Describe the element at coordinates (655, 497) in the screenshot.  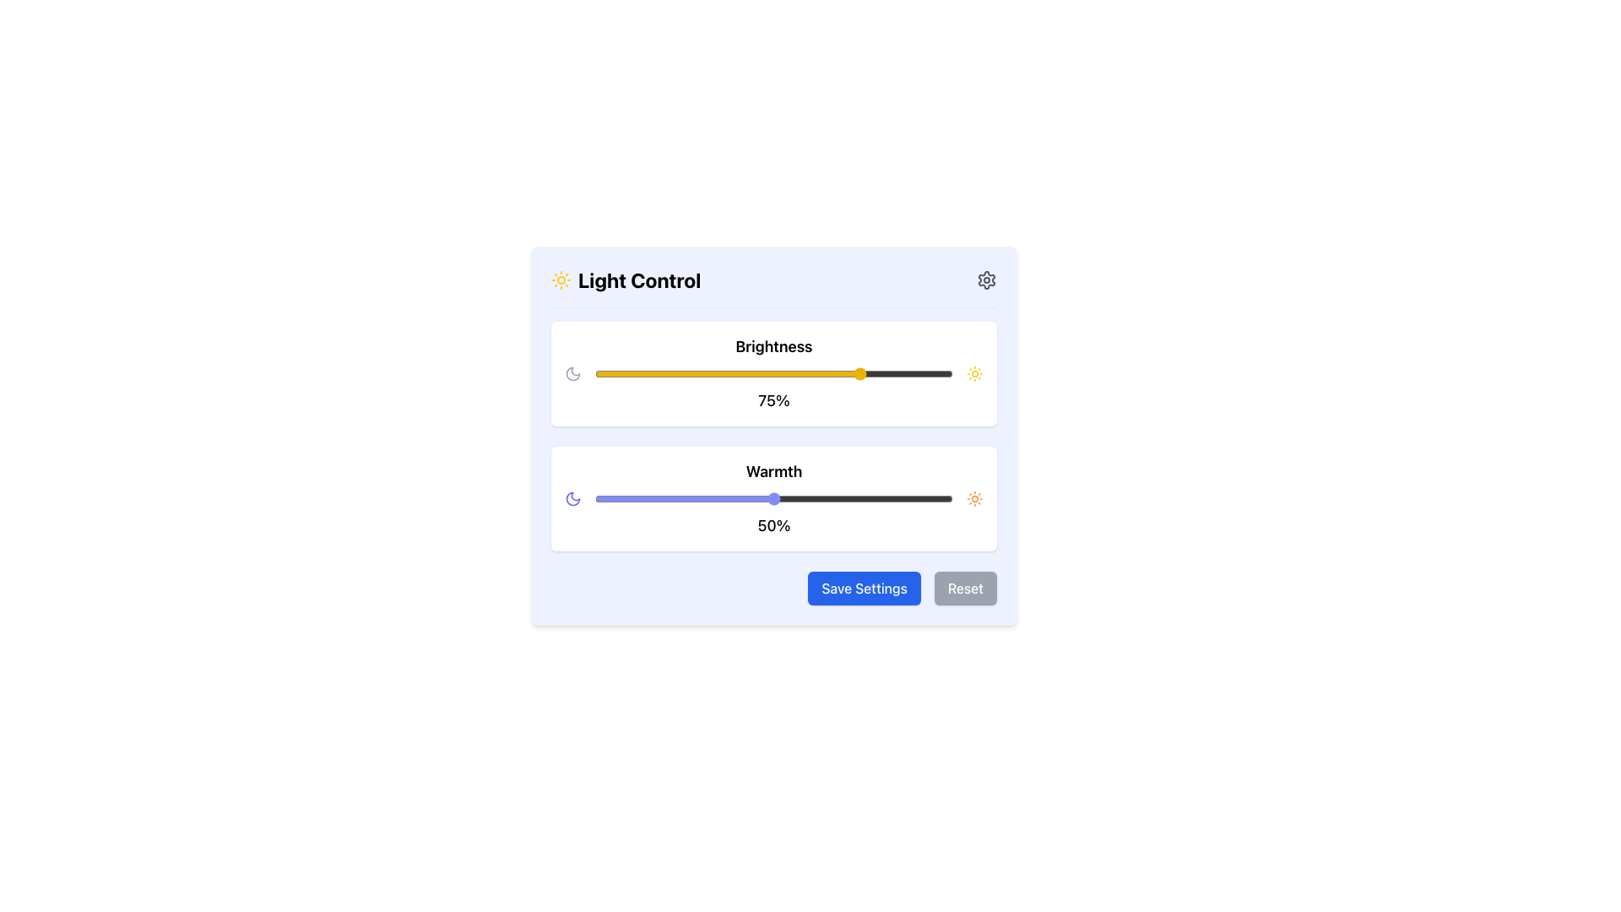
I see `warmth` at that location.